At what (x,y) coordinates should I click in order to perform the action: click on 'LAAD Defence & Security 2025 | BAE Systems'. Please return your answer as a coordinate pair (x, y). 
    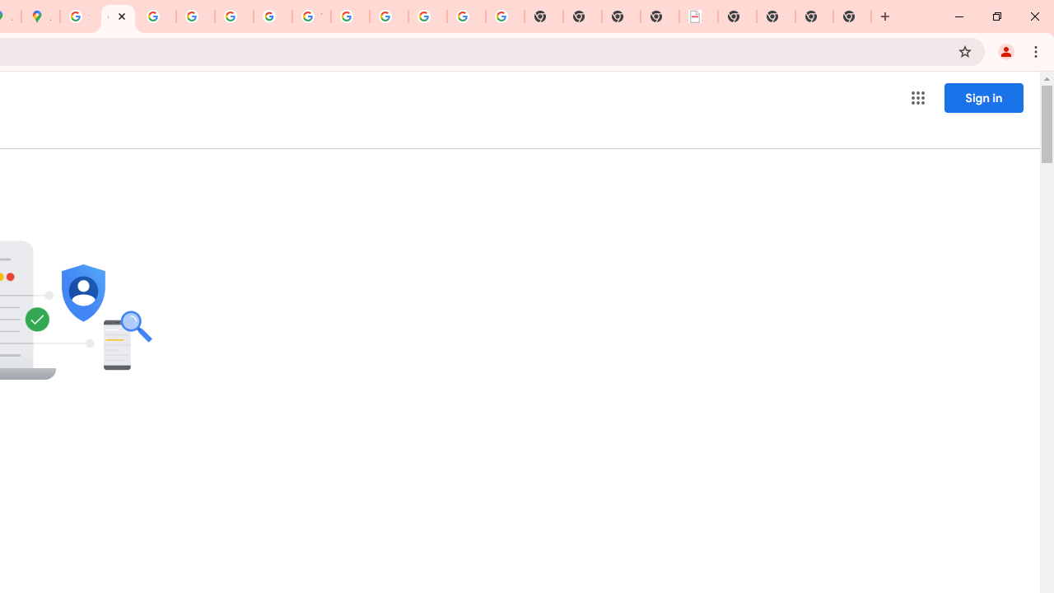
    Looking at the image, I should click on (698, 16).